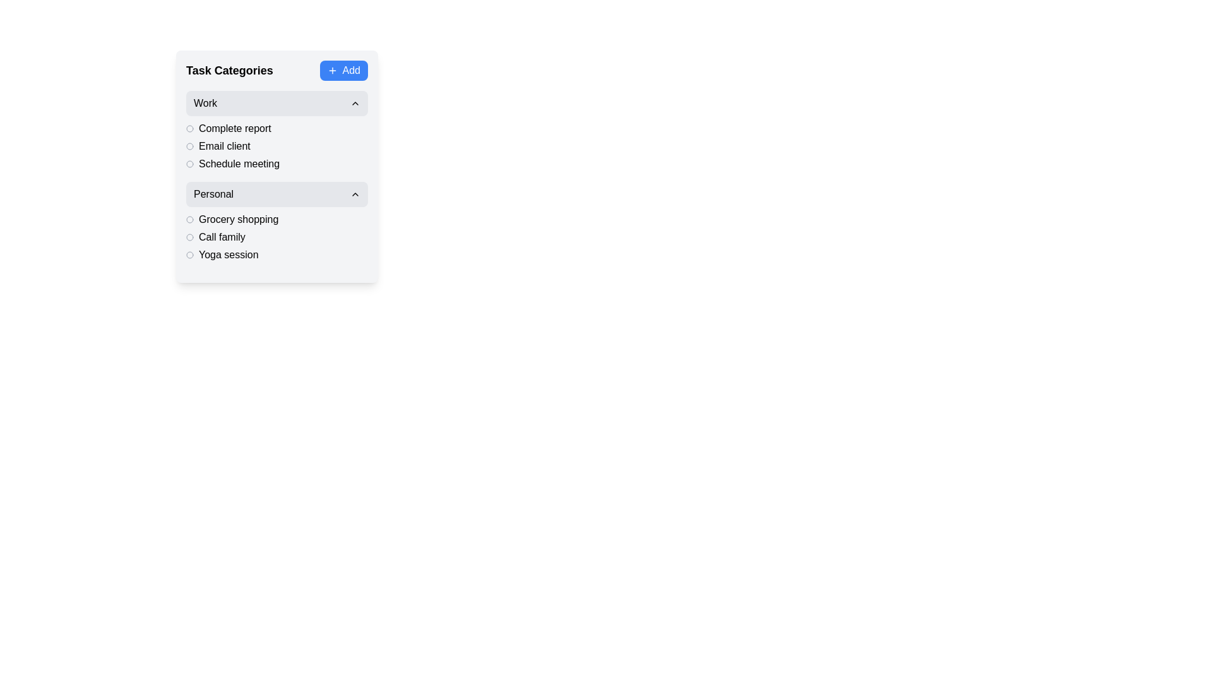 Image resolution: width=1212 pixels, height=682 pixels. I want to click on the Text label that serves as a reference for tasks, specifically located under the 'Work' category as the third item in the list of 'Task Categories', so click(239, 163).